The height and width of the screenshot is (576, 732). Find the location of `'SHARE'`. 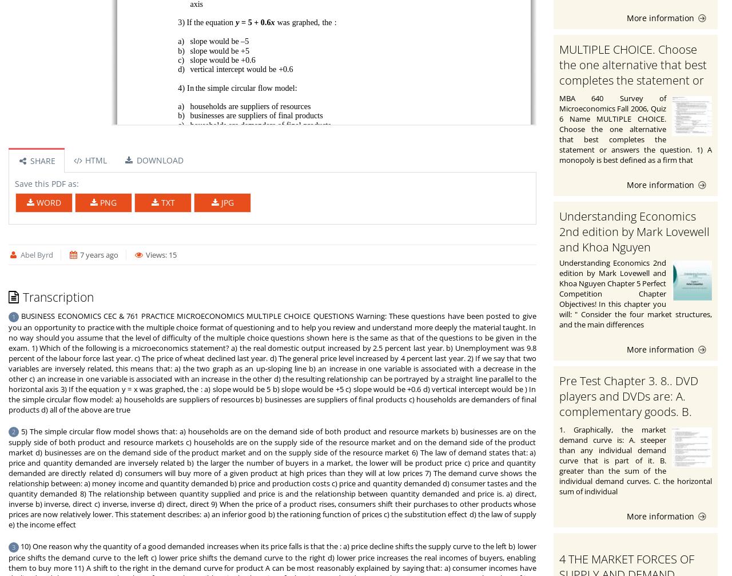

'SHARE' is located at coordinates (41, 161).